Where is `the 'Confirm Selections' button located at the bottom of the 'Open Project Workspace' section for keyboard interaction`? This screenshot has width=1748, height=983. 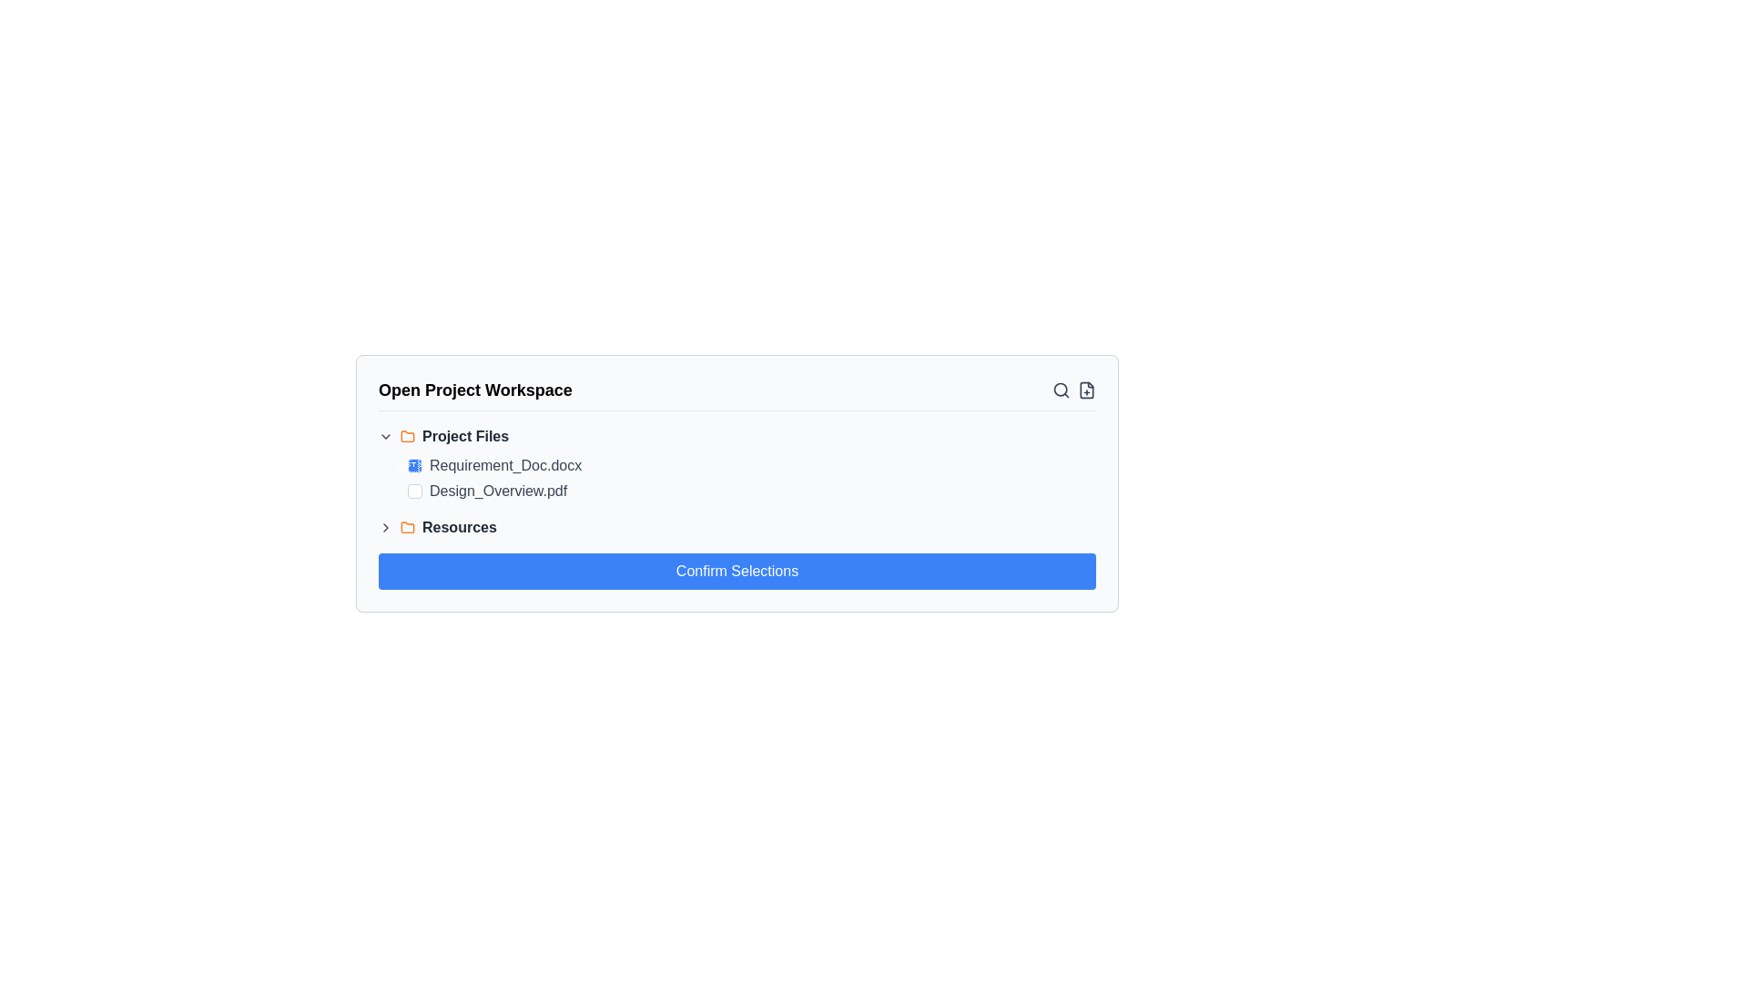
the 'Confirm Selections' button located at the bottom of the 'Open Project Workspace' section for keyboard interaction is located at coordinates (737, 571).